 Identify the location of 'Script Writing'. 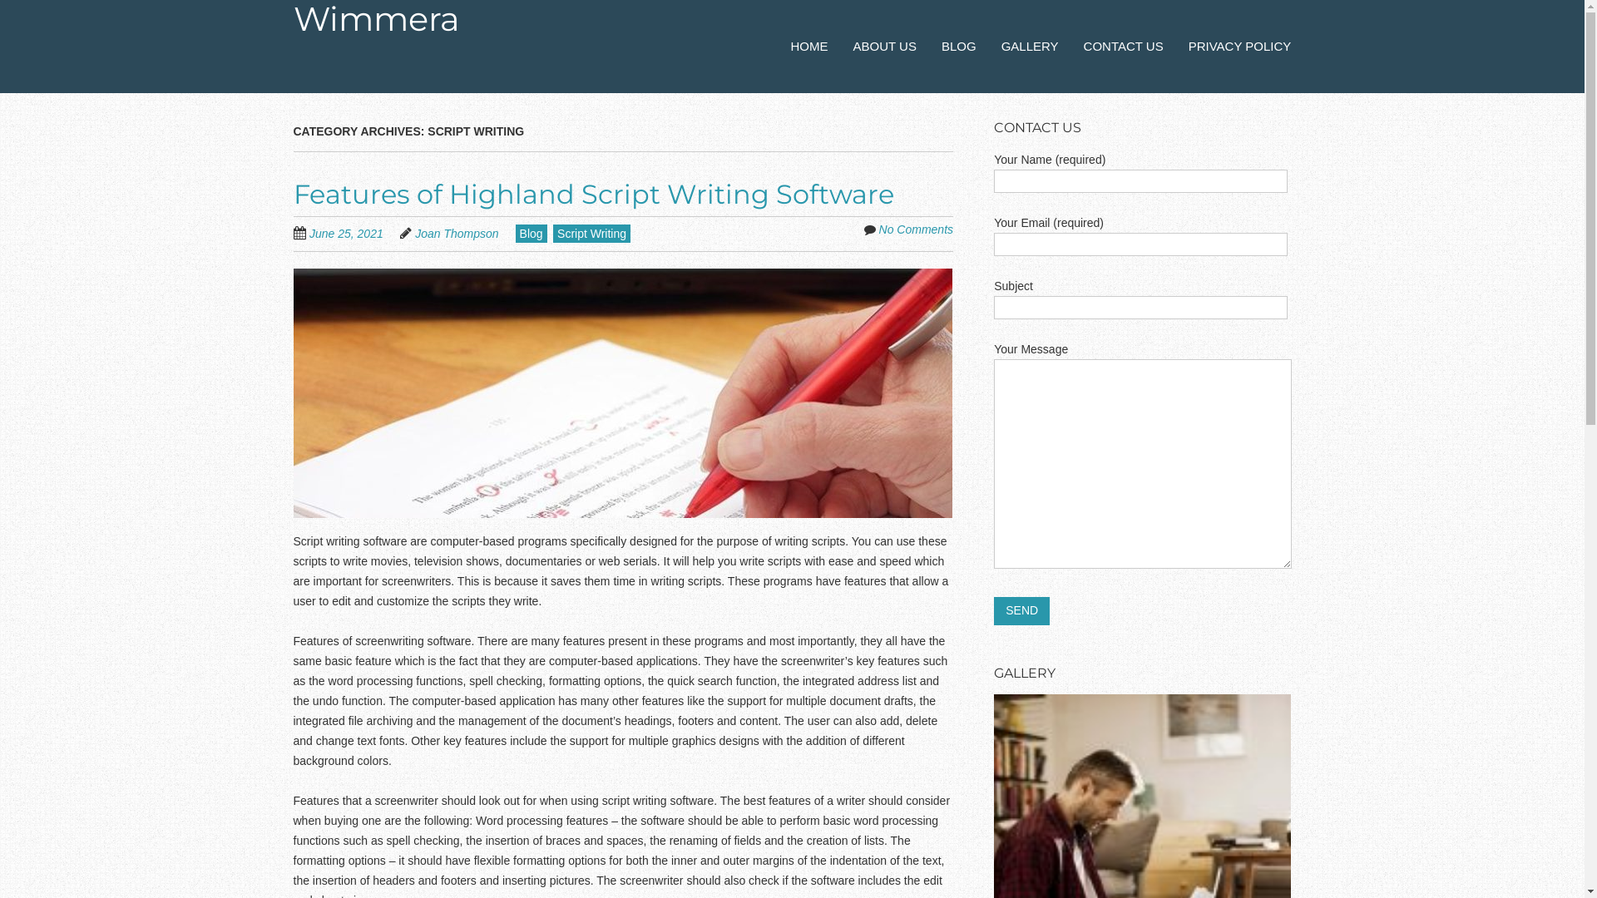
(591, 234).